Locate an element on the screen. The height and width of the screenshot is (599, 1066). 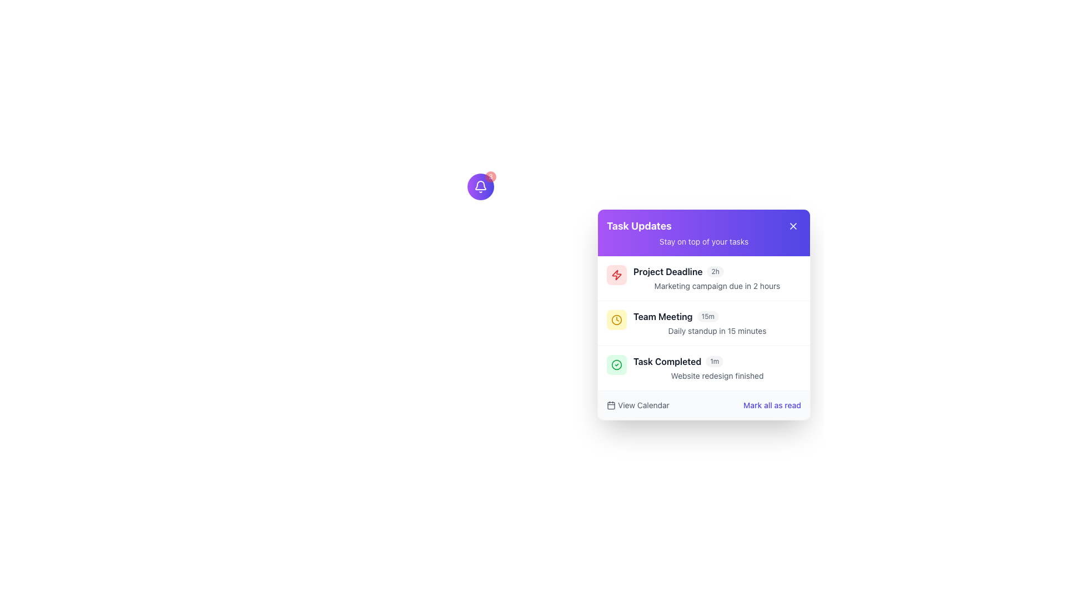
text from the title label indicating 'Team Meeting' located within the 'Task Updates' notification card, specifically the second task listed is located at coordinates (663, 316).